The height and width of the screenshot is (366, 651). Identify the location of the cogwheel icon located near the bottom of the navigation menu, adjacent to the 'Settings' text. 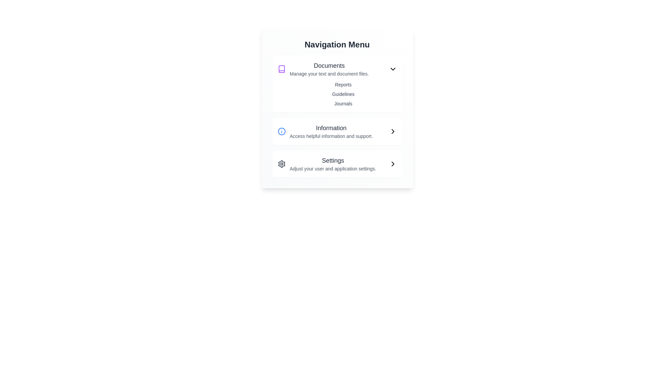
(281, 164).